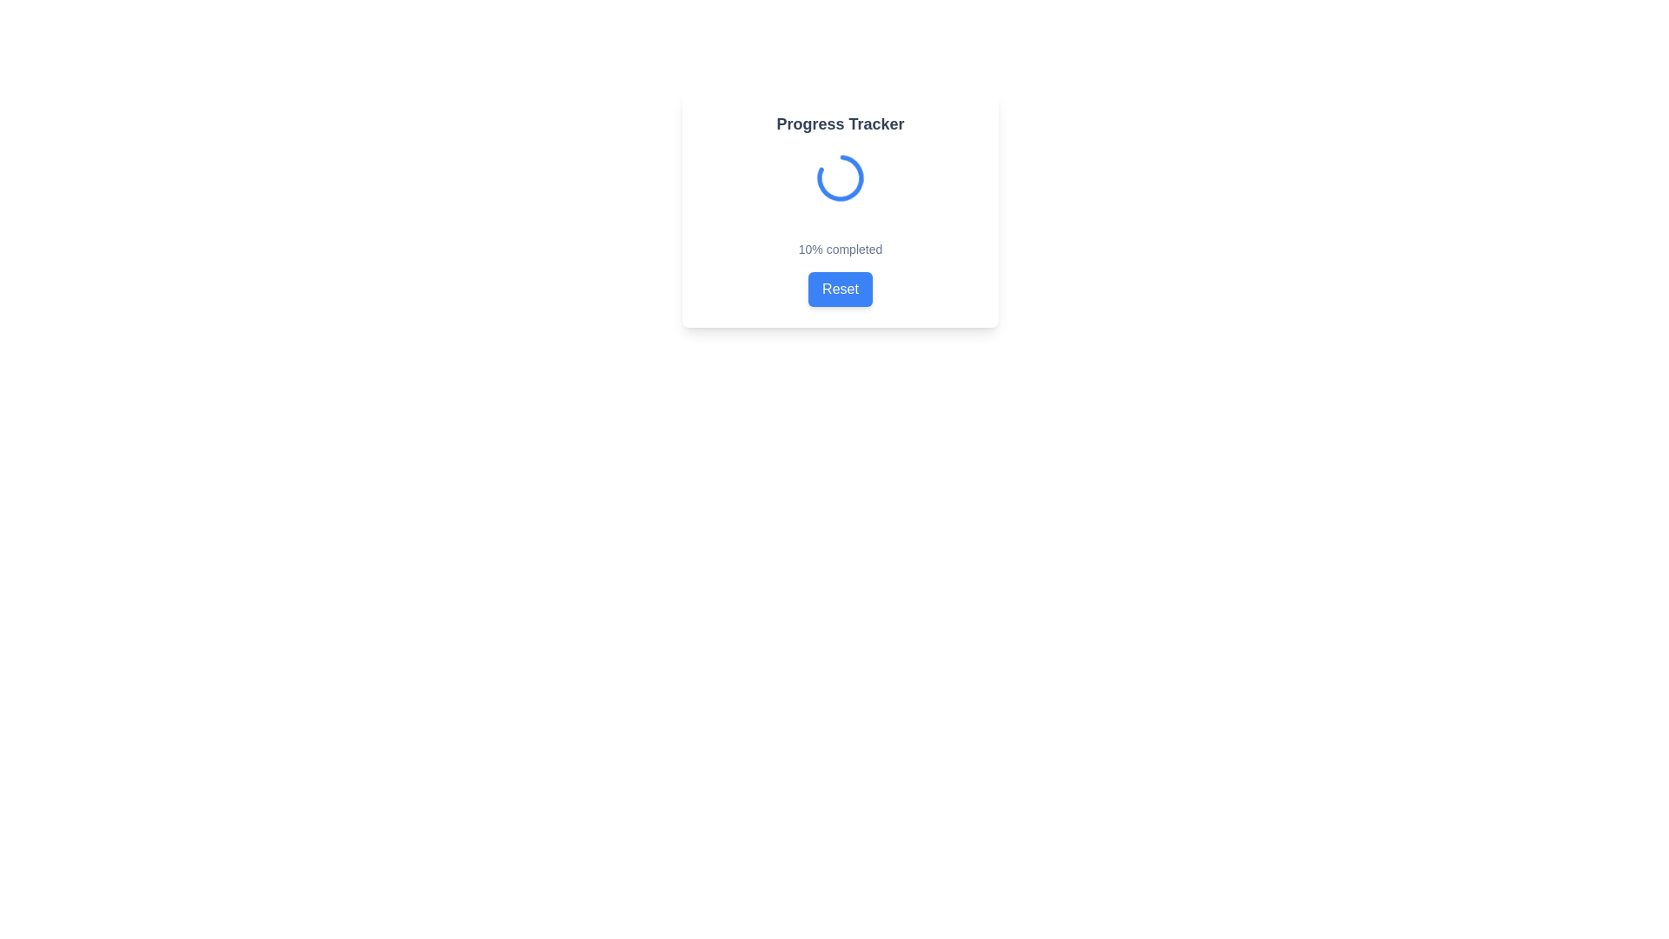 The image size is (1669, 939). What do you see at coordinates (840, 288) in the screenshot?
I see `the reset button located at the bottom of the centered card component, which is directly beneath the '0% completed' text, to observe the hover effect` at bounding box center [840, 288].